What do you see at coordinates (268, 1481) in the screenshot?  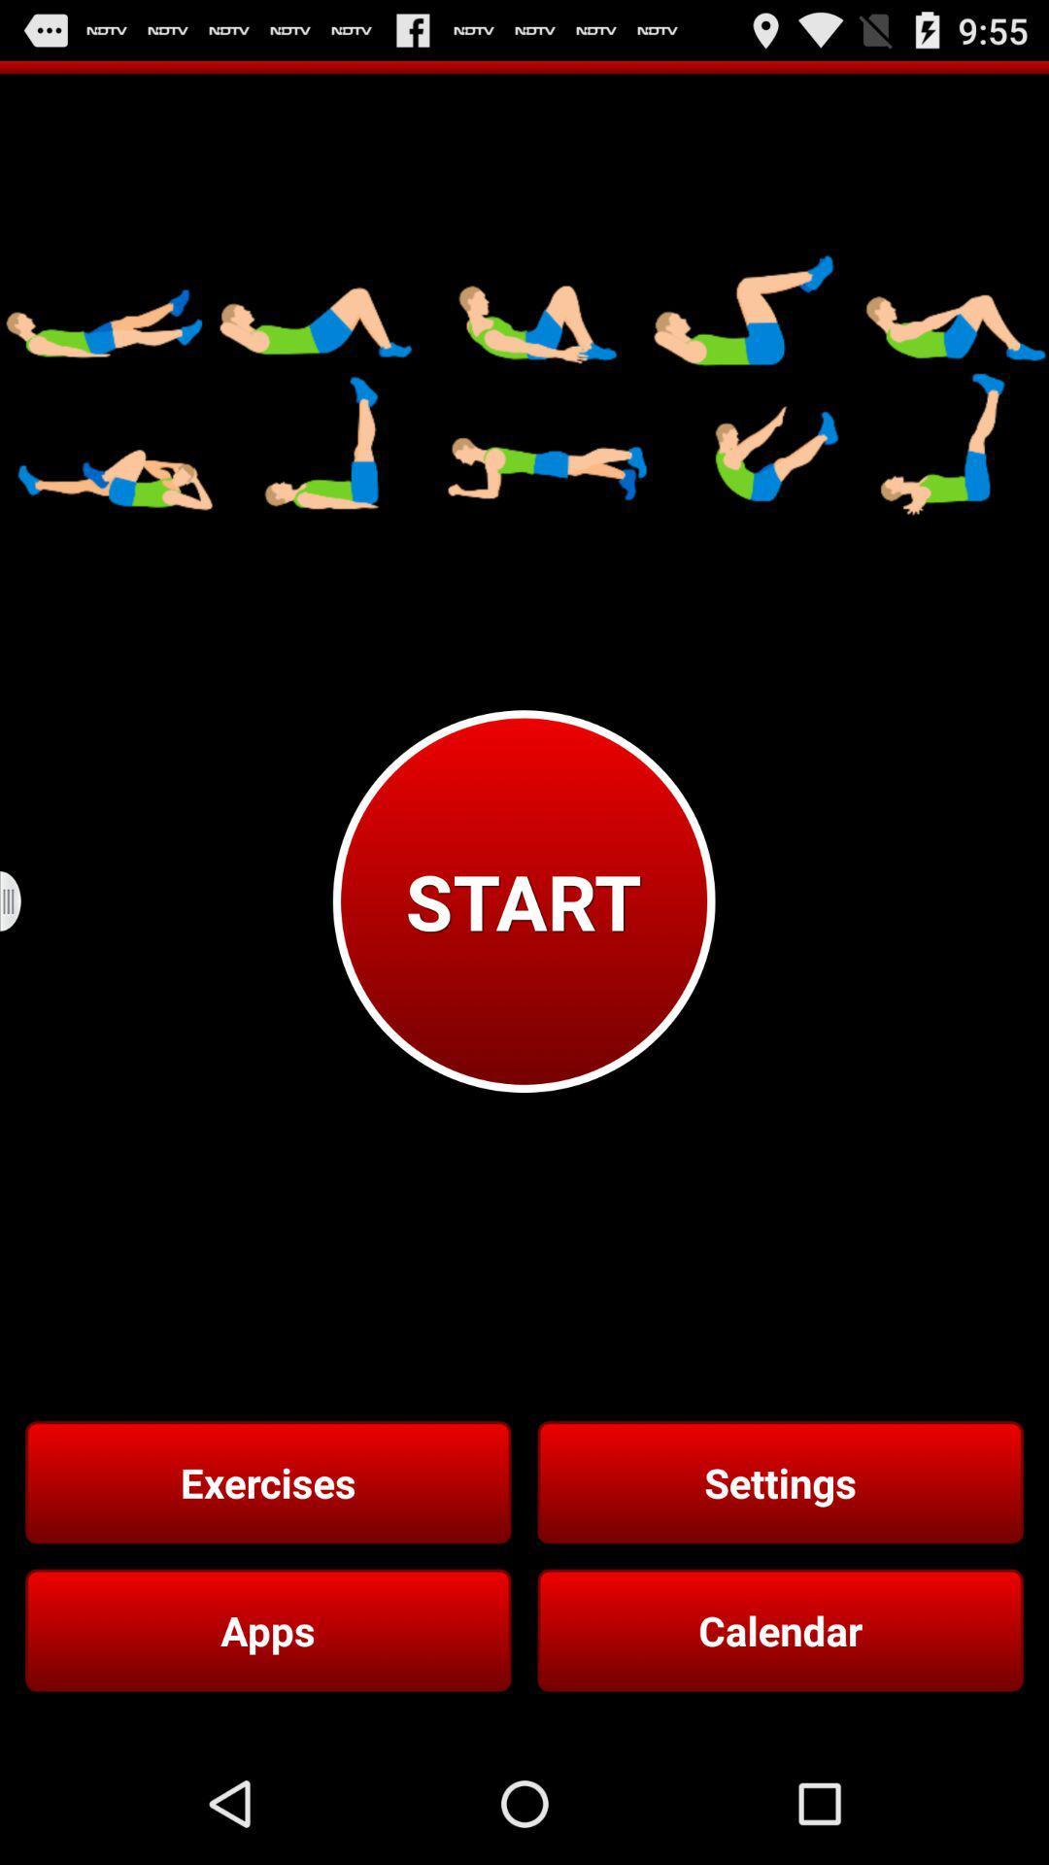 I see `button above the apps item` at bounding box center [268, 1481].